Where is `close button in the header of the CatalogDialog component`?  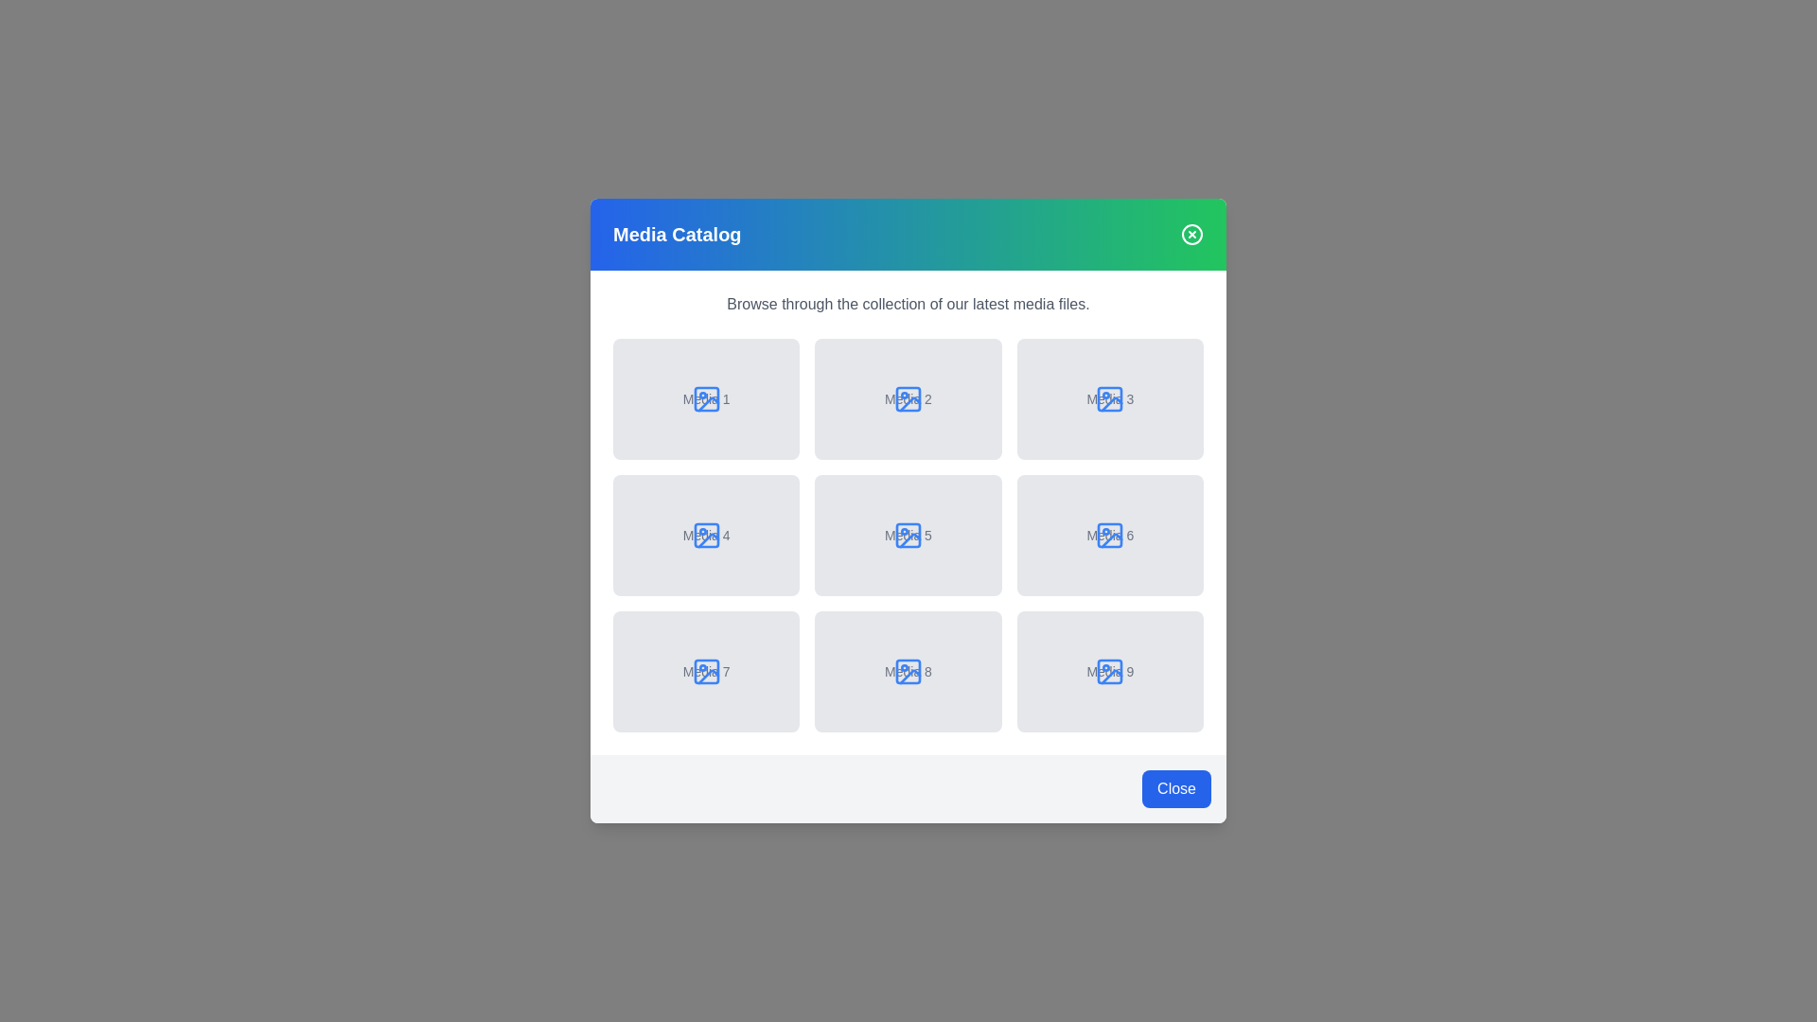
close button in the header of the CatalogDialog component is located at coordinates (1191, 233).